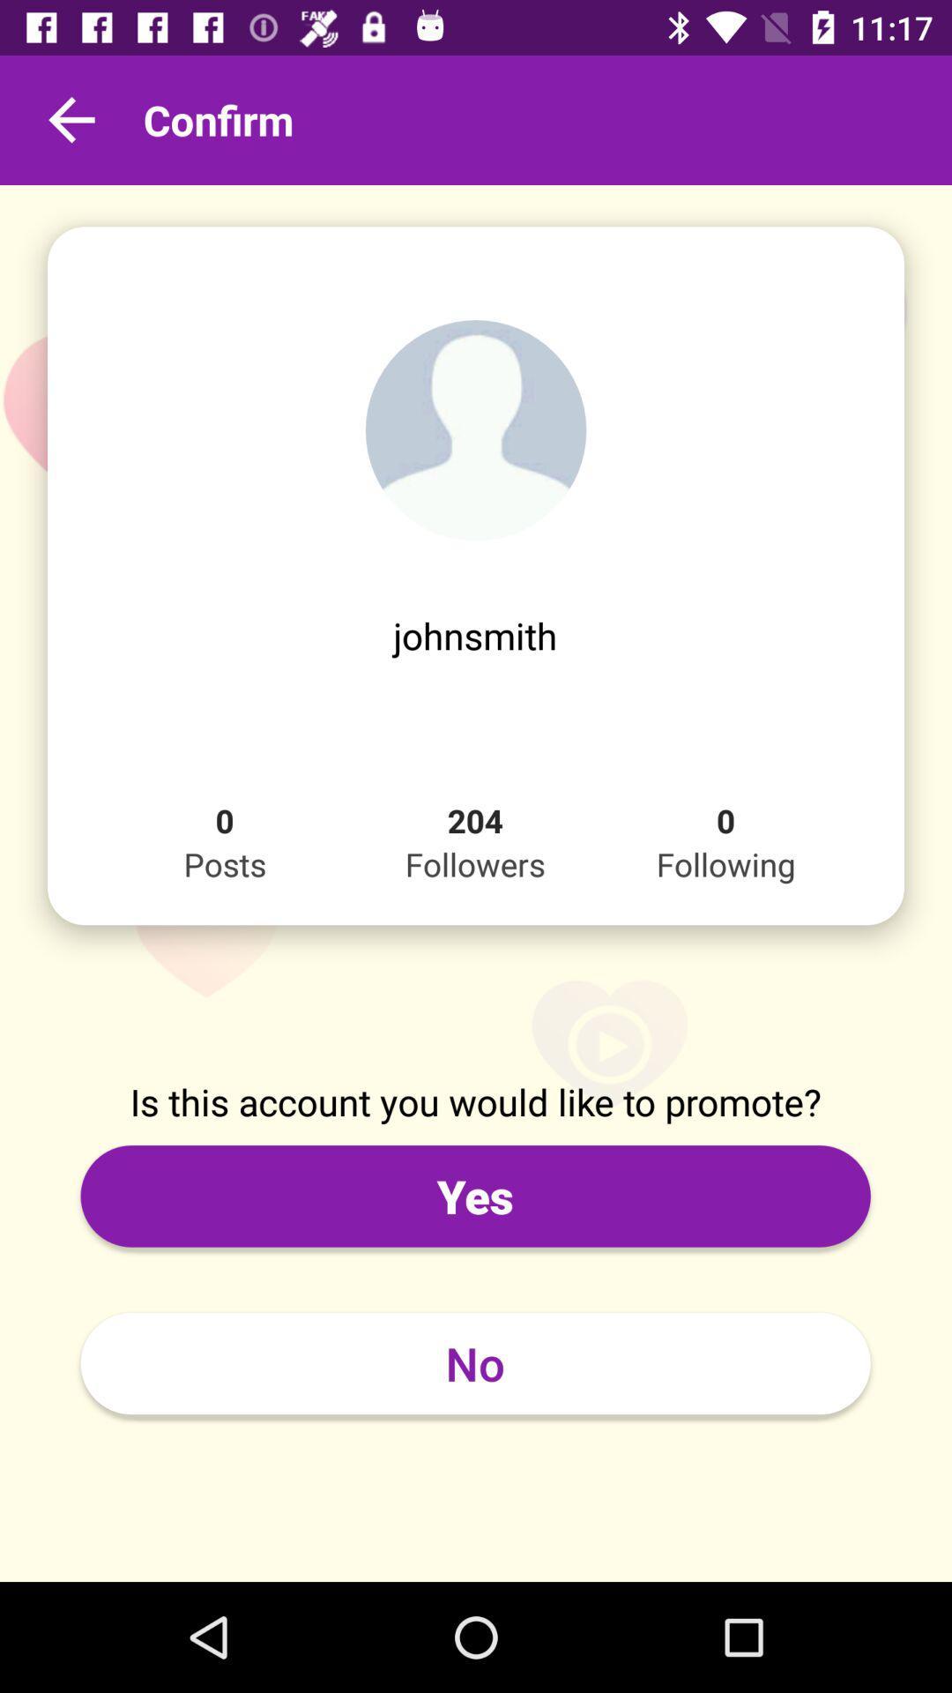 The image size is (952, 1693). Describe the element at coordinates (474, 1362) in the screenshot. I see `no item` at that location.